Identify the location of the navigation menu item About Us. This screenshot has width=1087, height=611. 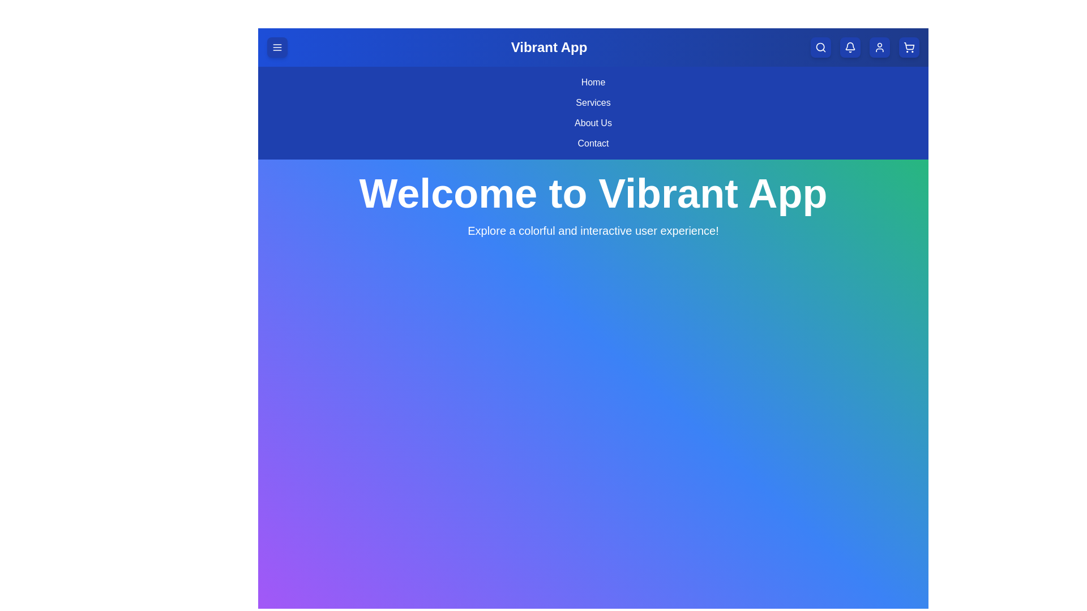
(592, 123).